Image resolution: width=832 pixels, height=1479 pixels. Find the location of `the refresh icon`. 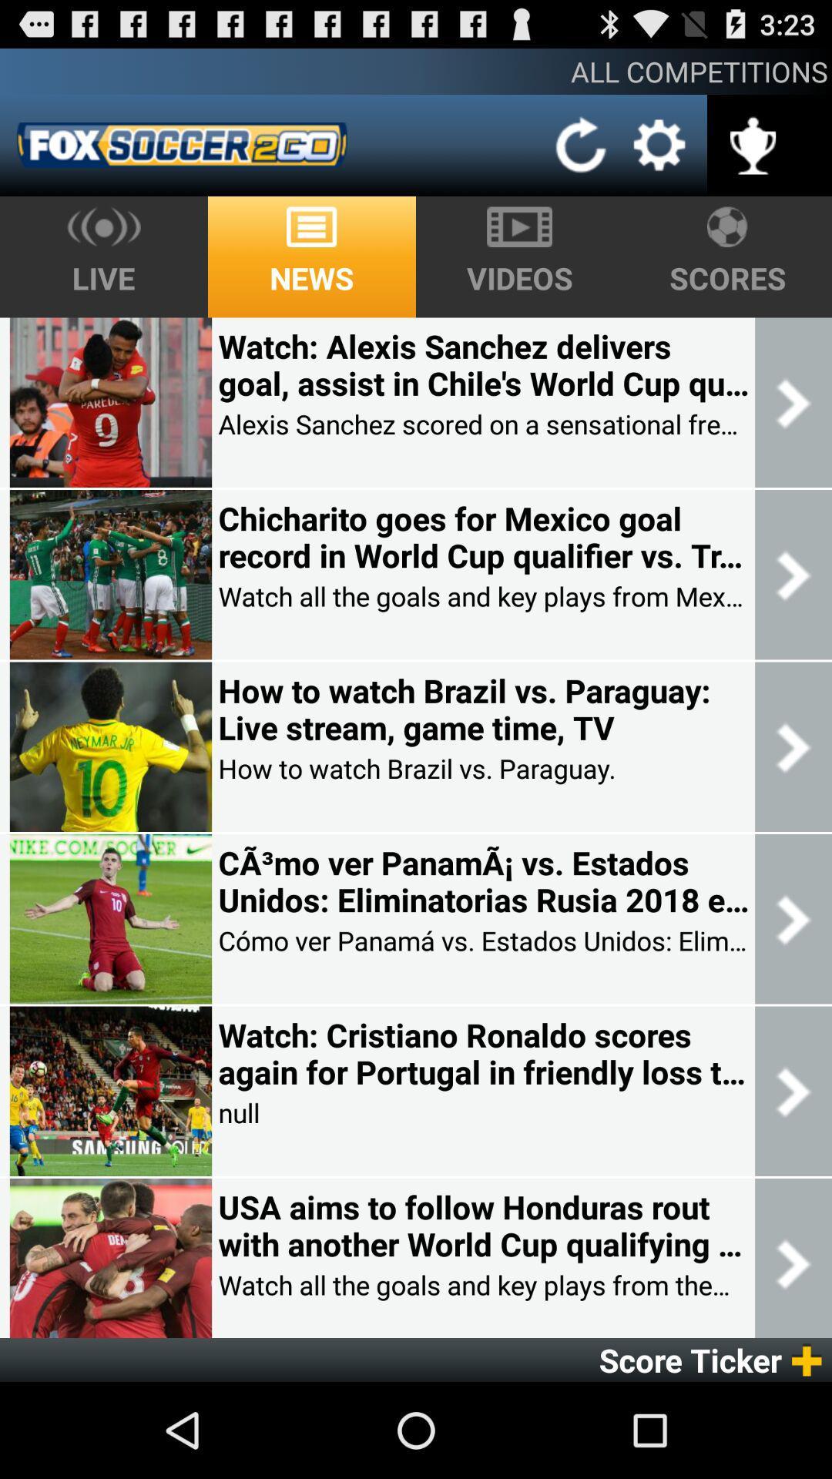

the refresh icon is located at coordinates (582, 156).